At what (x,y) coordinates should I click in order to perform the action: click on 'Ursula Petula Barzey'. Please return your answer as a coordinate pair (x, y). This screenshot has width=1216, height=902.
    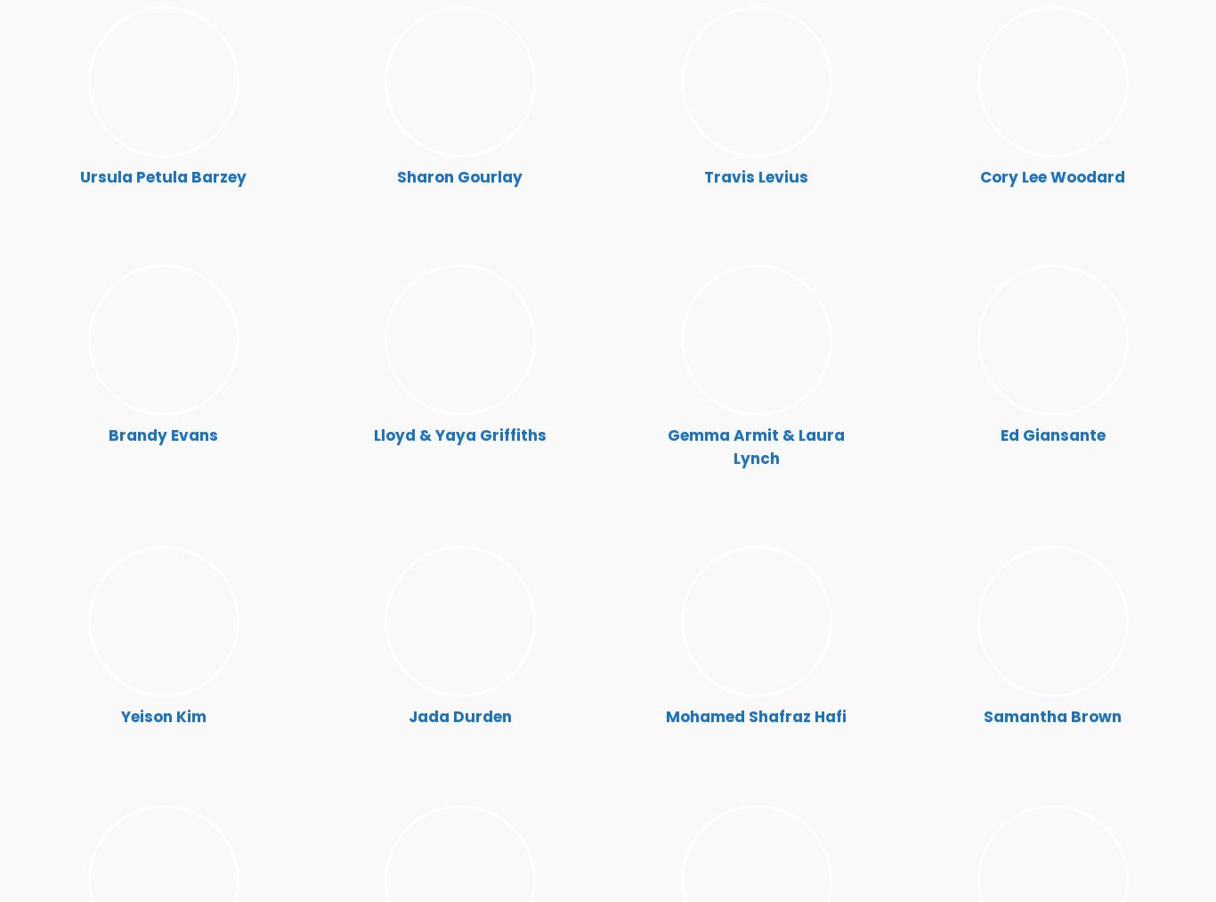
    Looking at the image, I should click on (80, 176).